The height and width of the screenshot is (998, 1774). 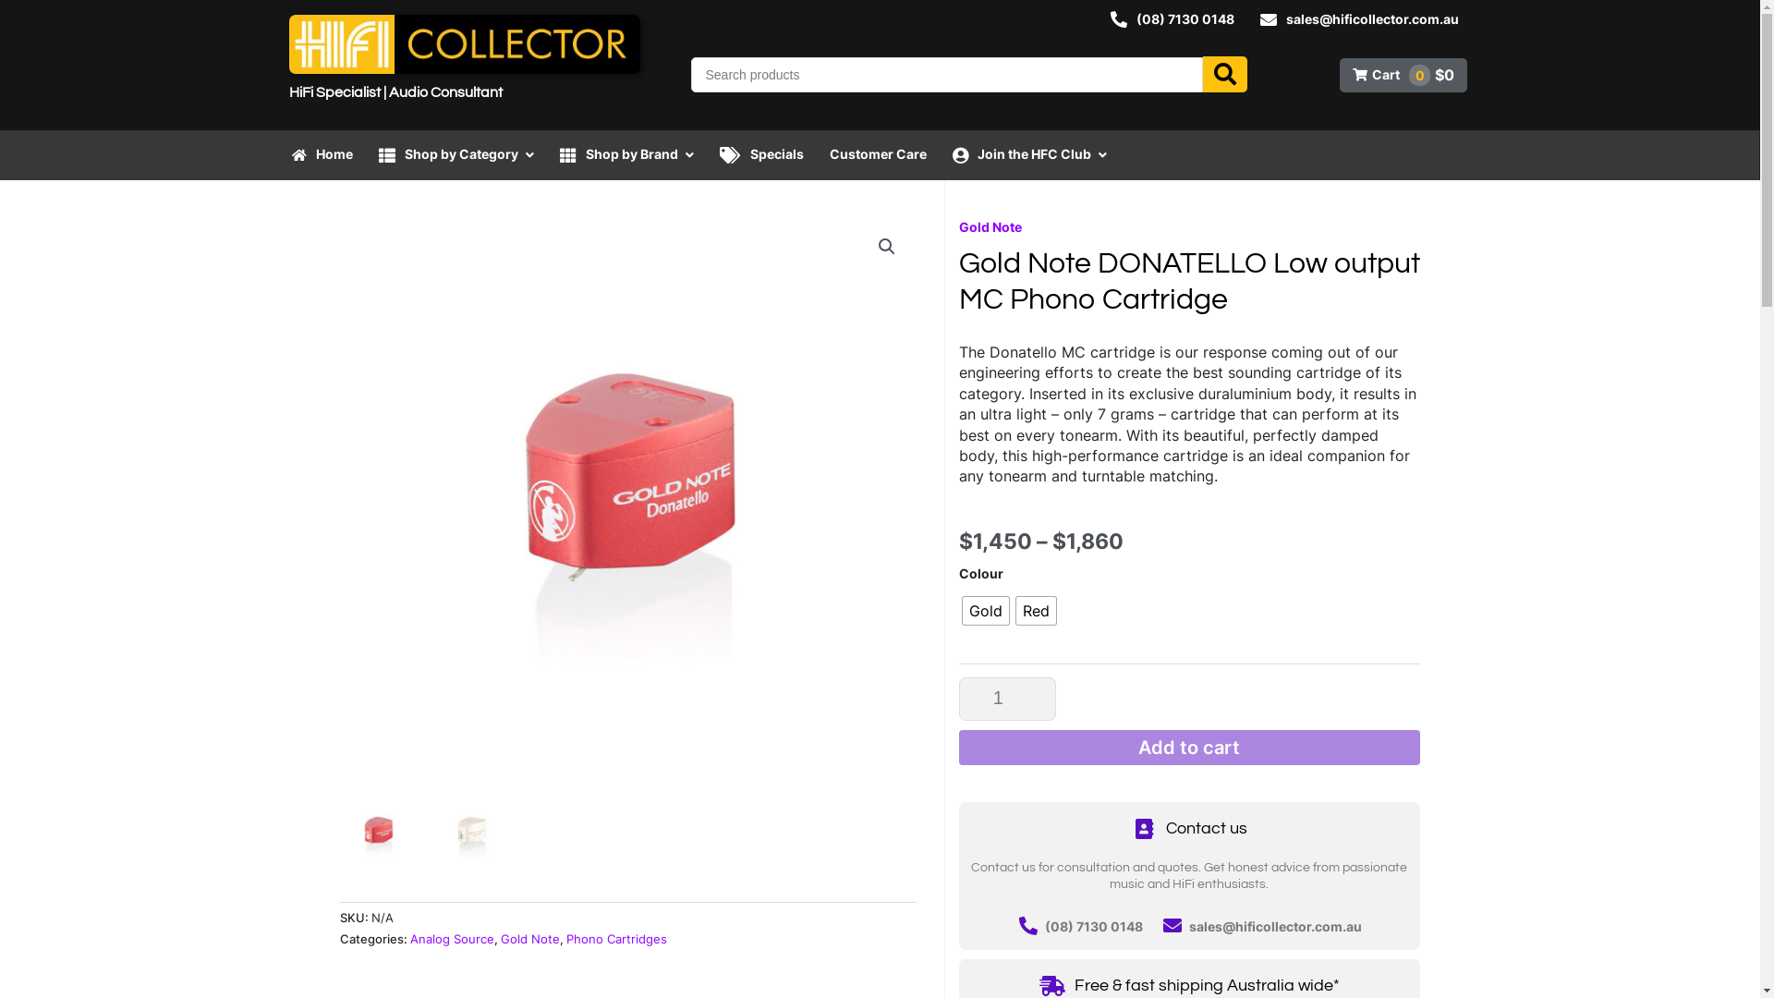 What do you see at coordinates (1028, 152) in the screenshot?
I see `'Join the HFC Club'` at bounding box center [1028, 152].